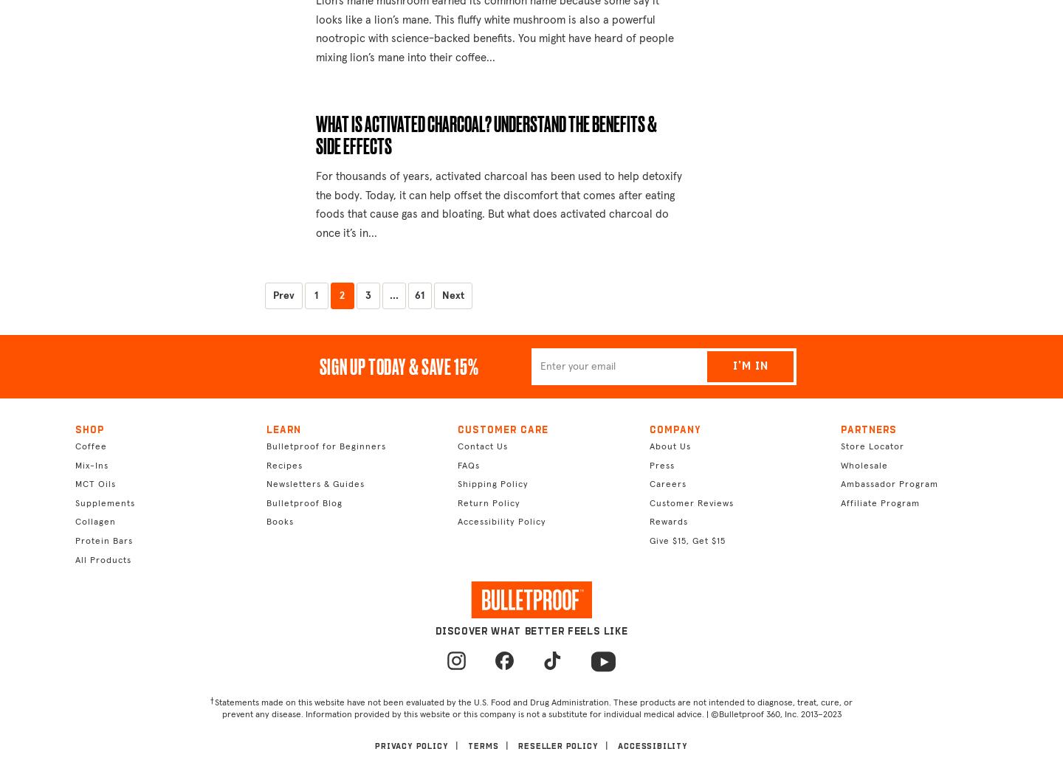 The height and width of the screenshot is (760, 1063). I want to click on 'Protein Bars', so click(103, 541).